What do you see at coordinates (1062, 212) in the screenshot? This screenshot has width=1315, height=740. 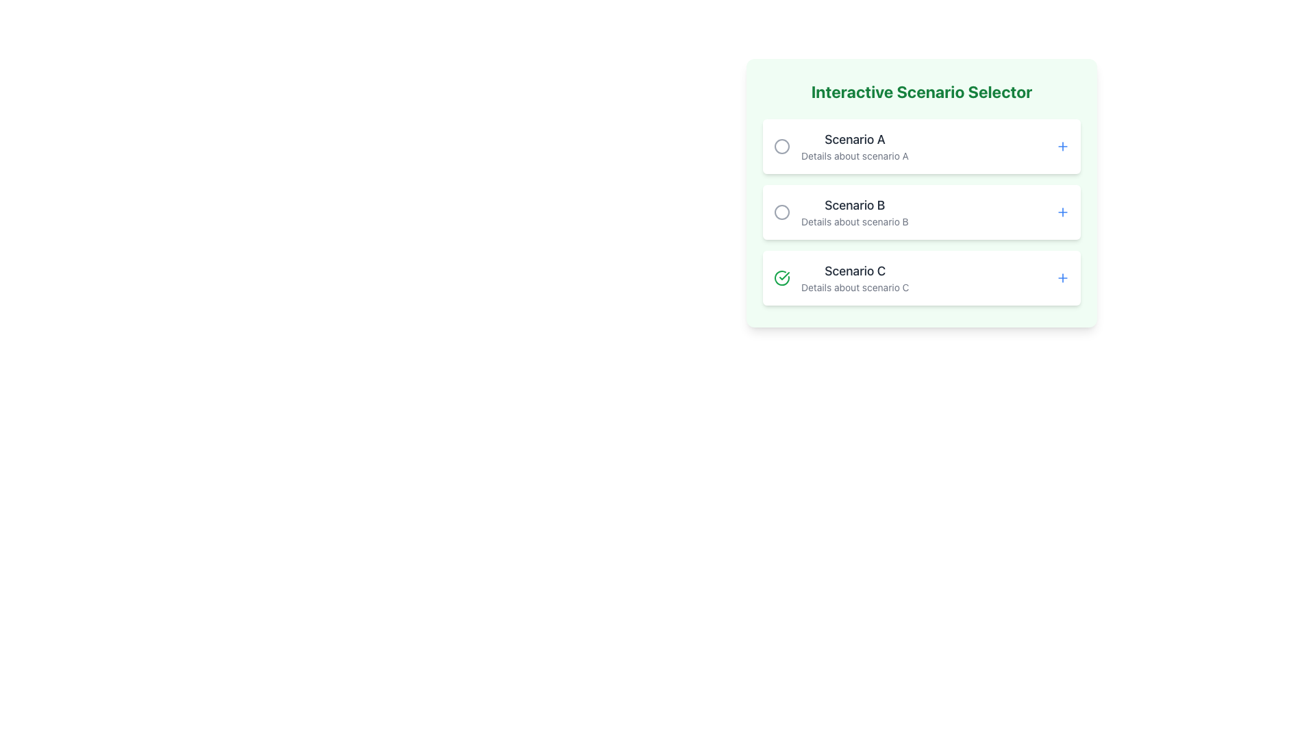 I see `the blue plus sign icon located on the right side of the row labeled 'Scenario B'` at bounding box center [1062, 212].